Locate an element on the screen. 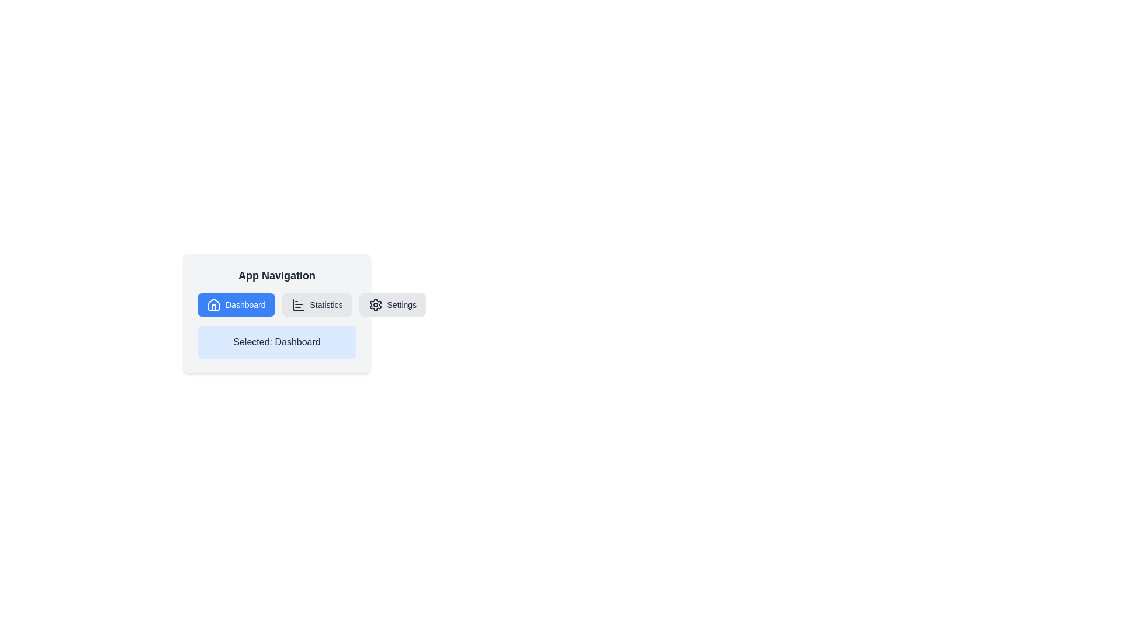 The image size is (1122, 631). the 'Settings' button, which is a rectangular button with a gear icon and light gray background is located at coordinates (392, 304).